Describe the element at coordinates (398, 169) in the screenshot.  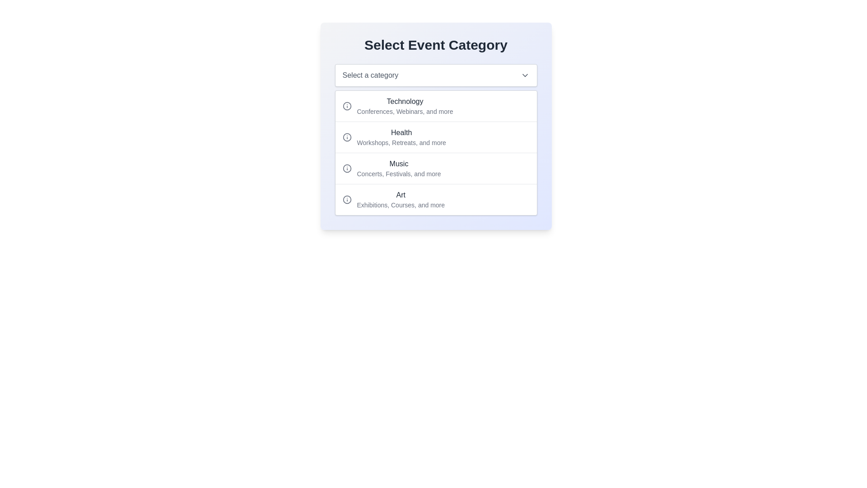
I see `to select the 'Music' category option in the selectable list under 'Select Event Category'` at that location.